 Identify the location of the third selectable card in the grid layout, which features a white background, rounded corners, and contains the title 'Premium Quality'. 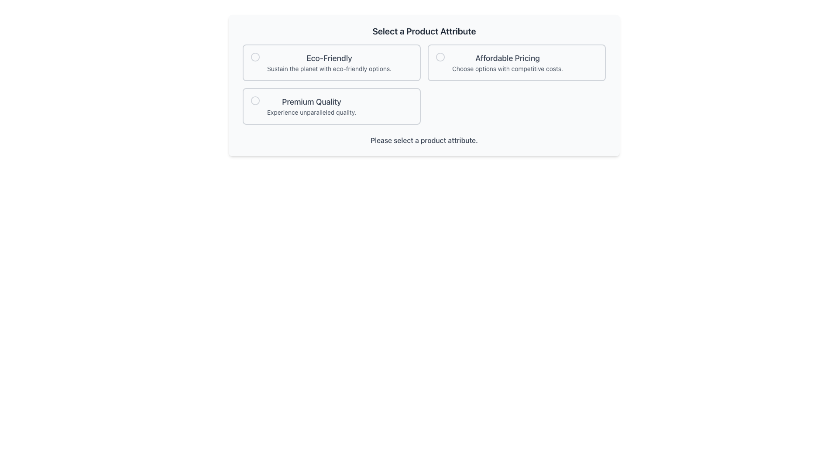
(331, 106).